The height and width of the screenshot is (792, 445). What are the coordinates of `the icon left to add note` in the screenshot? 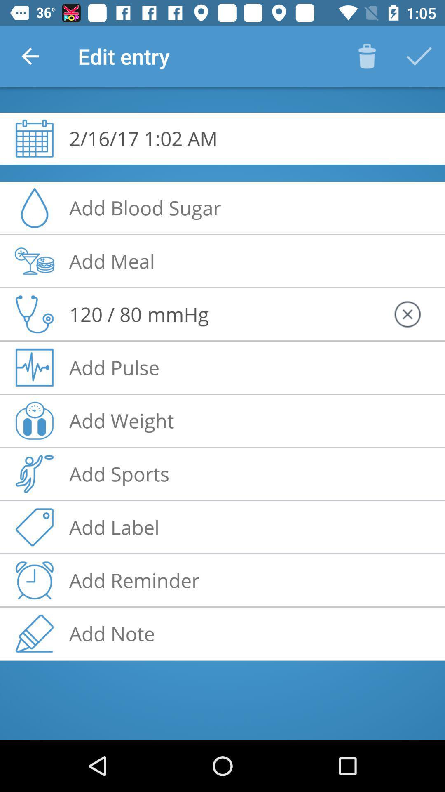 It's located at (34, 633).